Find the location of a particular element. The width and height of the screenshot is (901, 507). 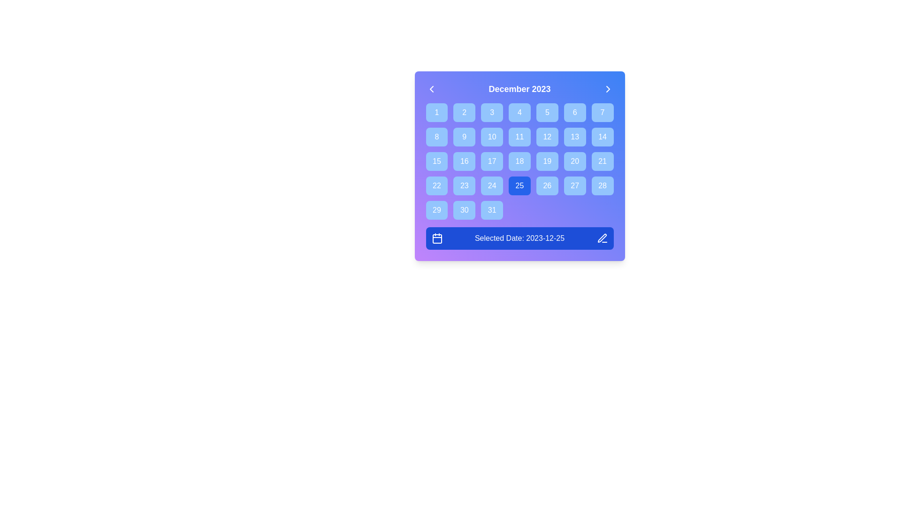

the square-shaped button with rounded corners displaying the number '16' is located at coordinates (464, 161).